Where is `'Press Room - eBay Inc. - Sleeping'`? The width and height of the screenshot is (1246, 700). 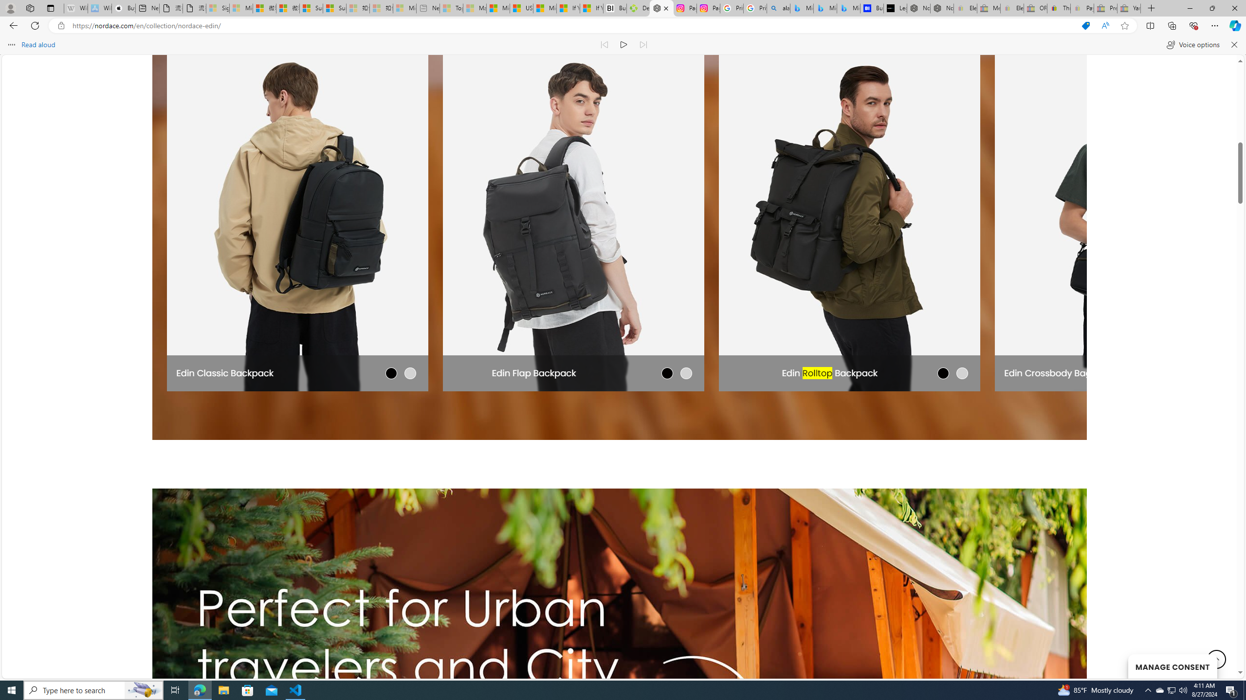
'Press Room - eBay Inc. - Sleeping' is located at coordinates (1105, 8).